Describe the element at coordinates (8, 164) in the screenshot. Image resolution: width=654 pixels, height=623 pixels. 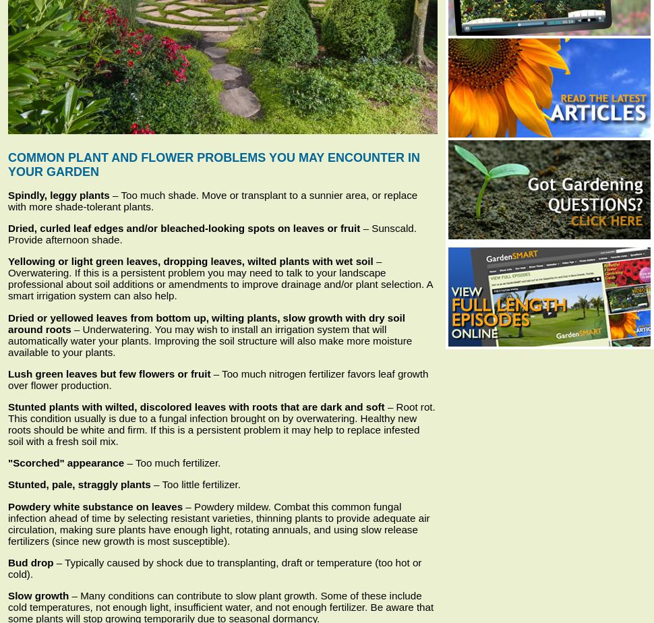
I see `'Common Plant and Flower Problems You May Encounter in Your Garden'` at that location.